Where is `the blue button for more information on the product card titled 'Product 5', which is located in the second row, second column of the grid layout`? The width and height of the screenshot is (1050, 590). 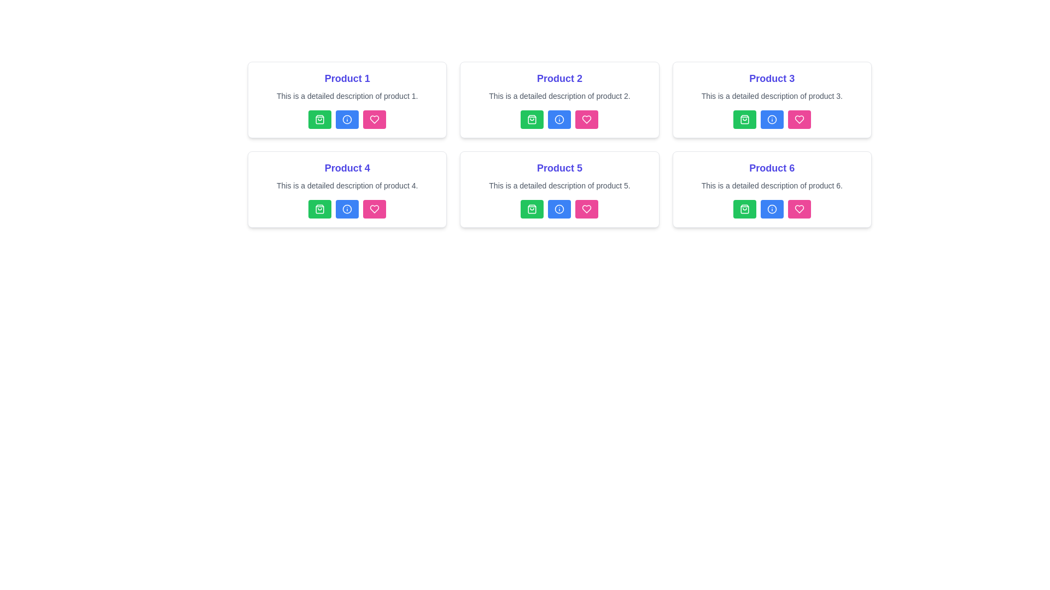
the blue button for more information on the product card titled 'Product 5', which is located in the second row, second column of the grid layout is located at coordinates (559, 189).